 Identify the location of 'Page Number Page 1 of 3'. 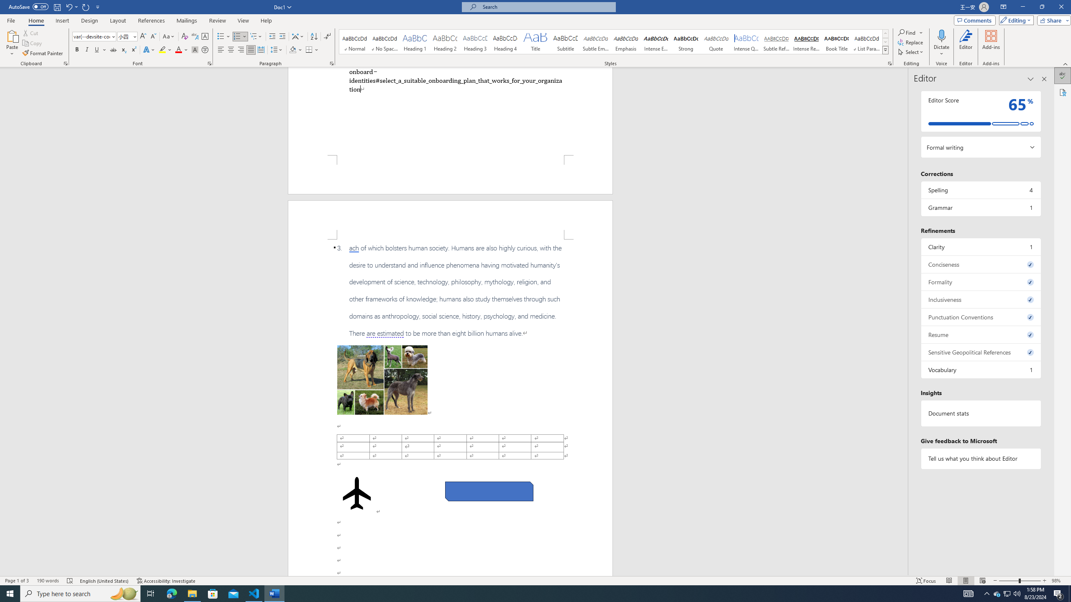
(17, 581).